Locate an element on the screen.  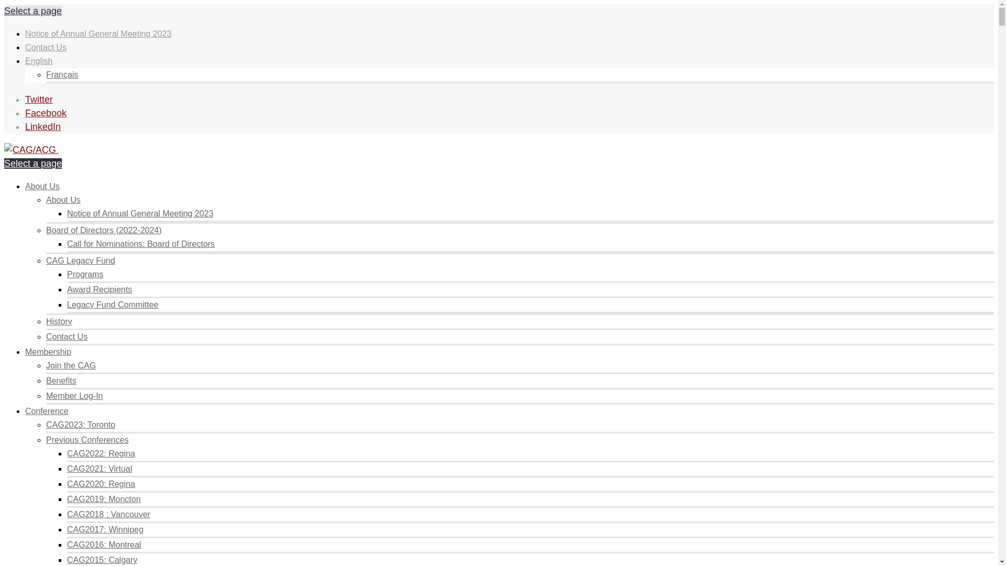
'LinkedIn' is located at coordinates (42, 126).